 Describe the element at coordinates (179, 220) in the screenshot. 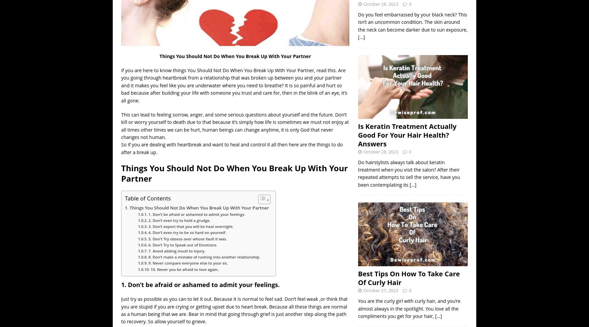

I see `'2. Don’t even try to hold a grudge.'` at that location.